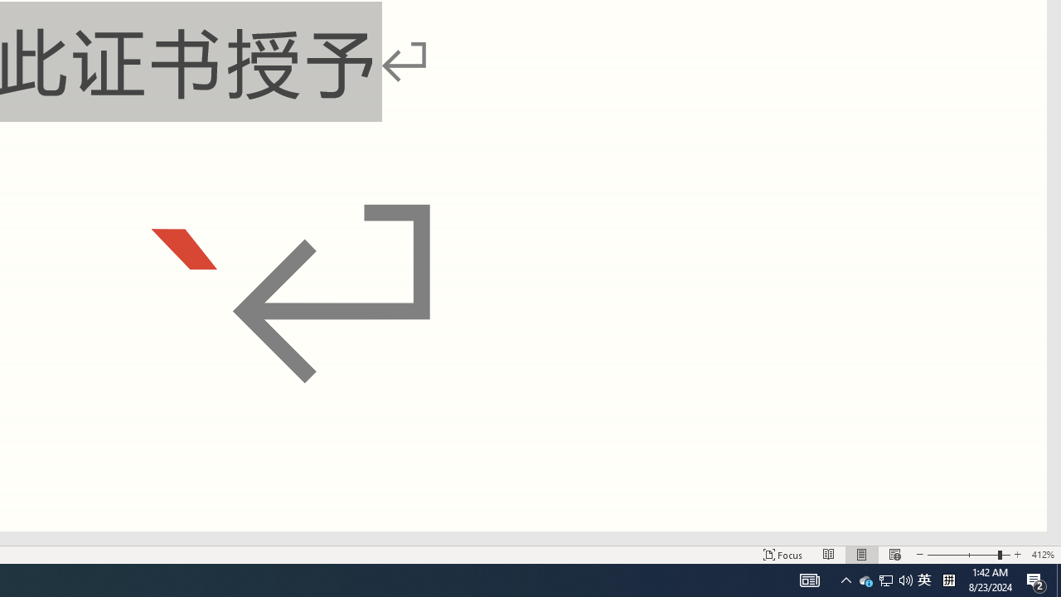 The image size is (1061, 597). I want to click on 'Zoom 412%', so click(1042, 555).